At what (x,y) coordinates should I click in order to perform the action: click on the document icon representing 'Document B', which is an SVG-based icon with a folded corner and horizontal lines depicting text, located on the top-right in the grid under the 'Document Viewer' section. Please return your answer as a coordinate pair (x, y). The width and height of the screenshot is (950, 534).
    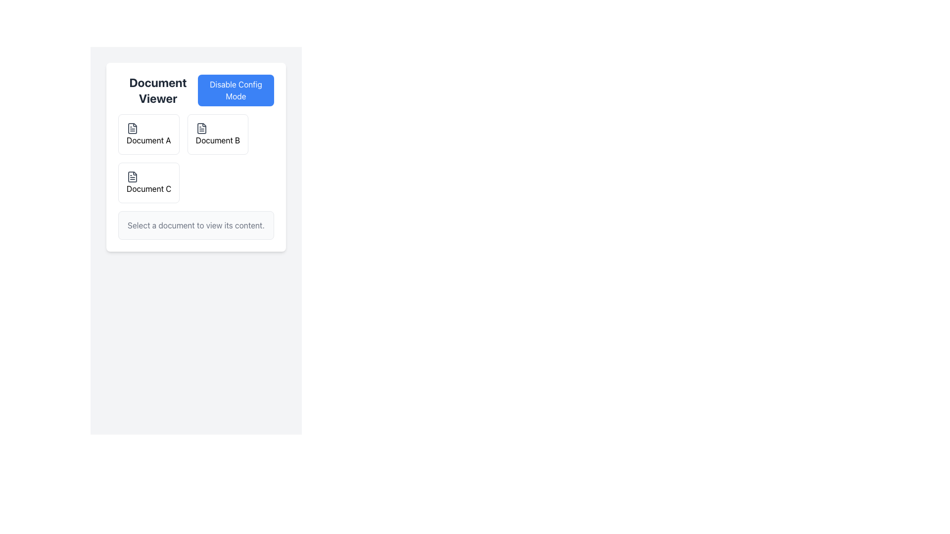
    Looking at the image, I should click on (201, 128).